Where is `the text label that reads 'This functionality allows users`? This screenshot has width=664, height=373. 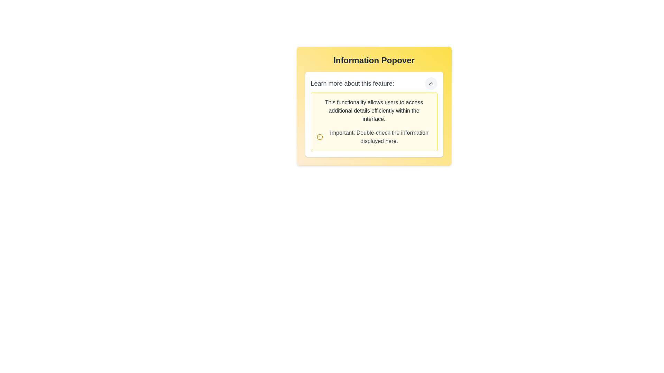 the text label that reads 'This functionality allows users is located at coordinates (373, 110).